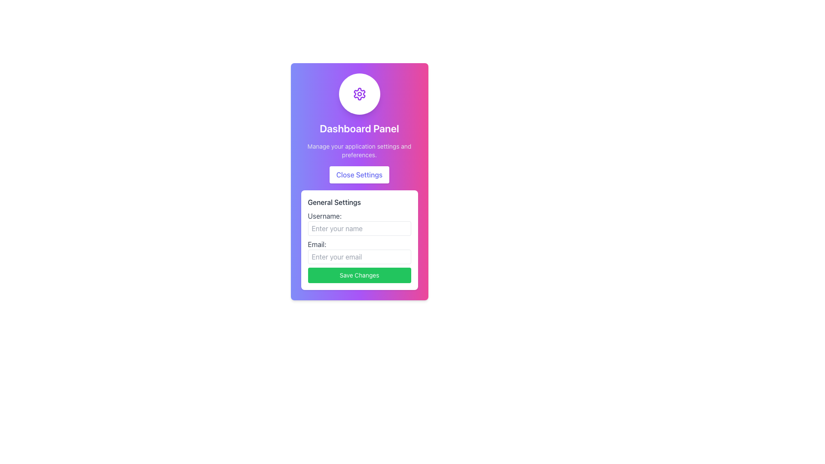 This screenshot has width=825, height=464. I want to click on the email input field located below the username input and above the 'Save Changes' button, so click(359, 256).